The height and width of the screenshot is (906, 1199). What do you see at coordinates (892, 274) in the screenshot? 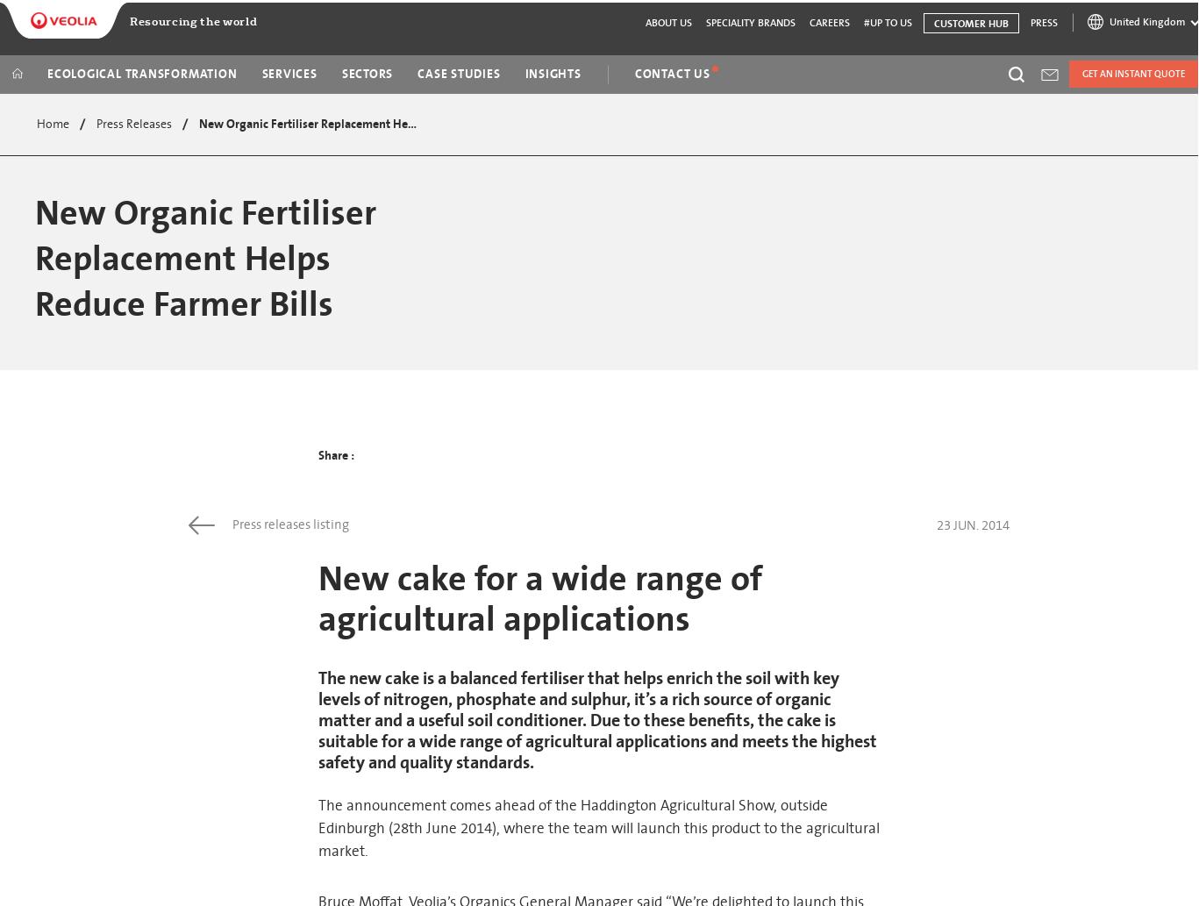
I see `'Nuclear Solutions'` at bounding box center [892, 274].